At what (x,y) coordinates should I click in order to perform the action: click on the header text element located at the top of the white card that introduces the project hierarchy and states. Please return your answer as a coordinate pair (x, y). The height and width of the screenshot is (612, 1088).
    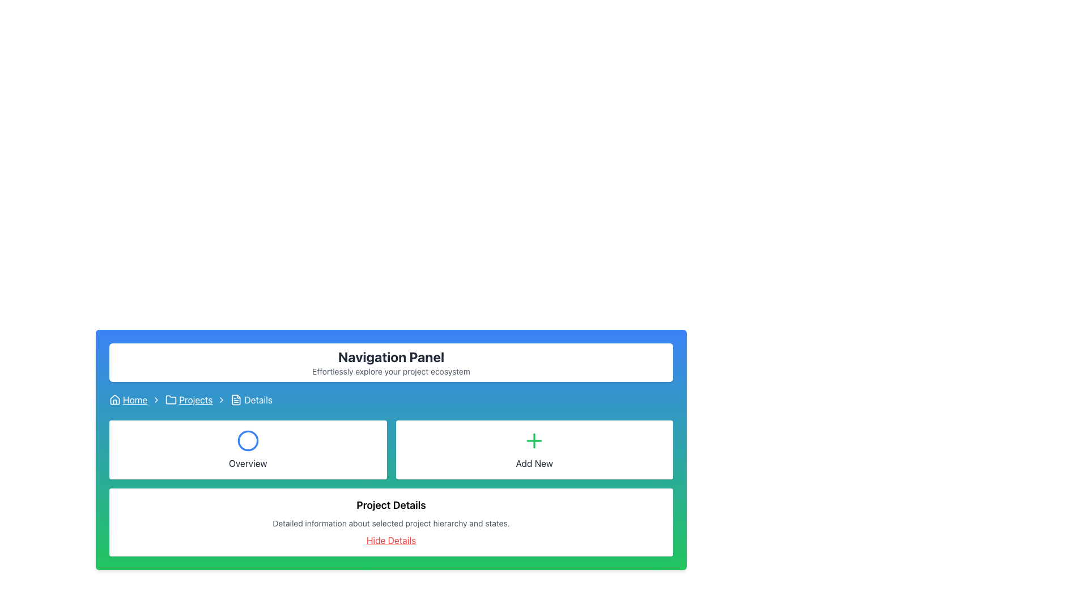
    Looking at the image, I should click on (391, 504).